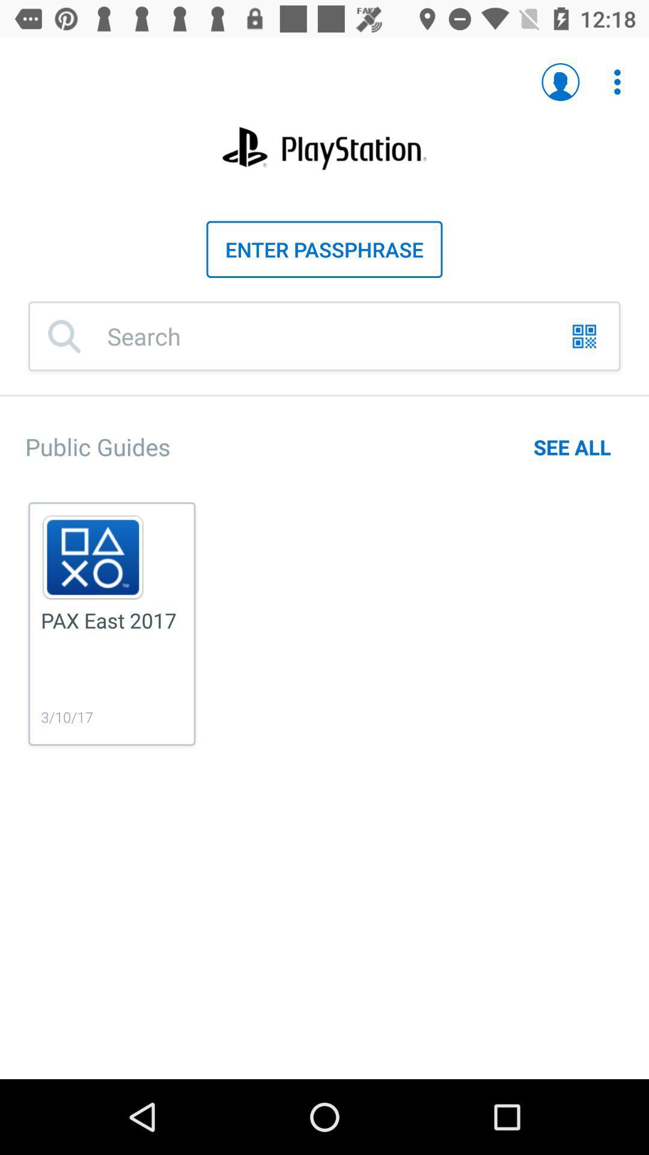  What do you see at coordinates (617, 81) in the screenshot?
I see `the more icon` at bounding box center [617, 81].